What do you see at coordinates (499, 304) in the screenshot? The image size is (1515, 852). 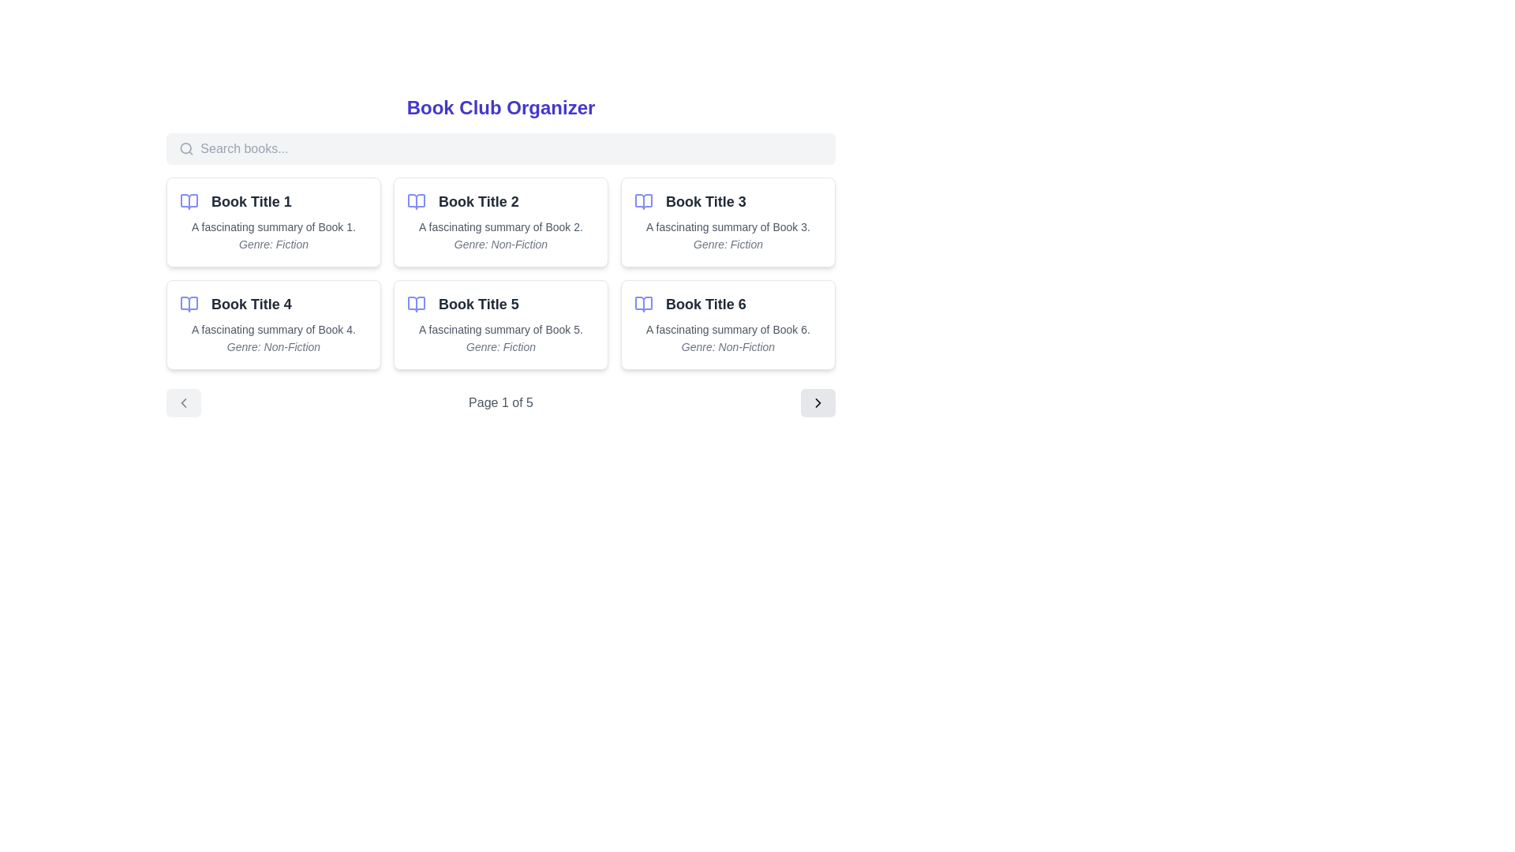 I see `text labeled 'Book Title 5', which is a bold text heading located next to an open book icon in the second row of the fourth card in a grid layout` at bounding box center [499, 304].